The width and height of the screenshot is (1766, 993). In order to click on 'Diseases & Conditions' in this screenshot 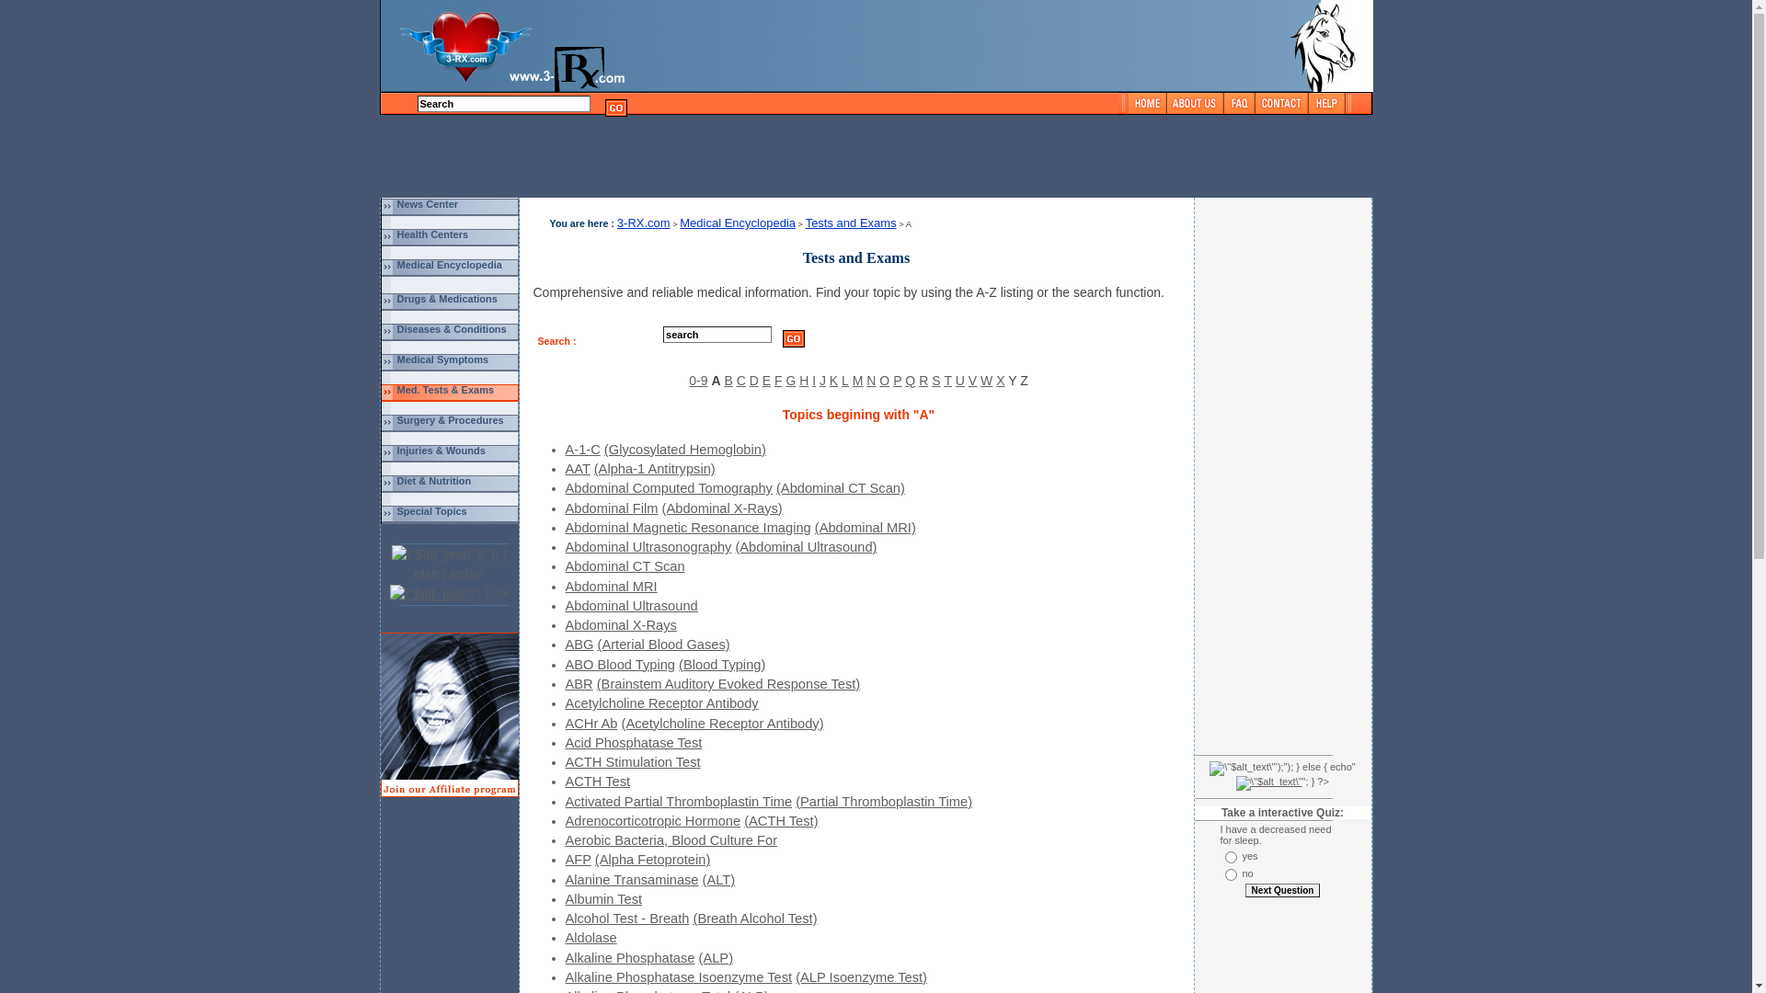, I will do `click(452, 328)`.